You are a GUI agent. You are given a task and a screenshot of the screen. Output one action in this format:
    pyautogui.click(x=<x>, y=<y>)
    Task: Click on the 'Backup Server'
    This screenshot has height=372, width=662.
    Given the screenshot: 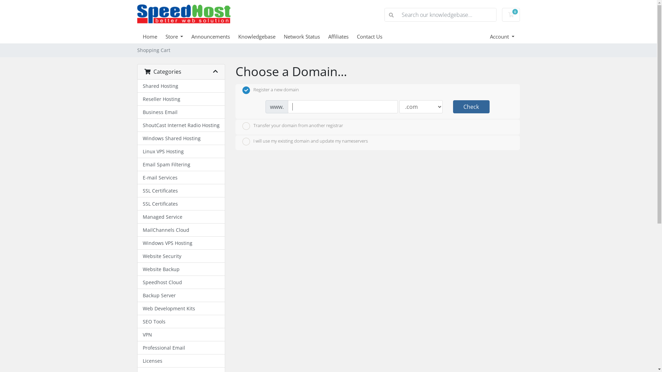 What is the action you would take?
    pyautogui.click(x=181, y=295)
    